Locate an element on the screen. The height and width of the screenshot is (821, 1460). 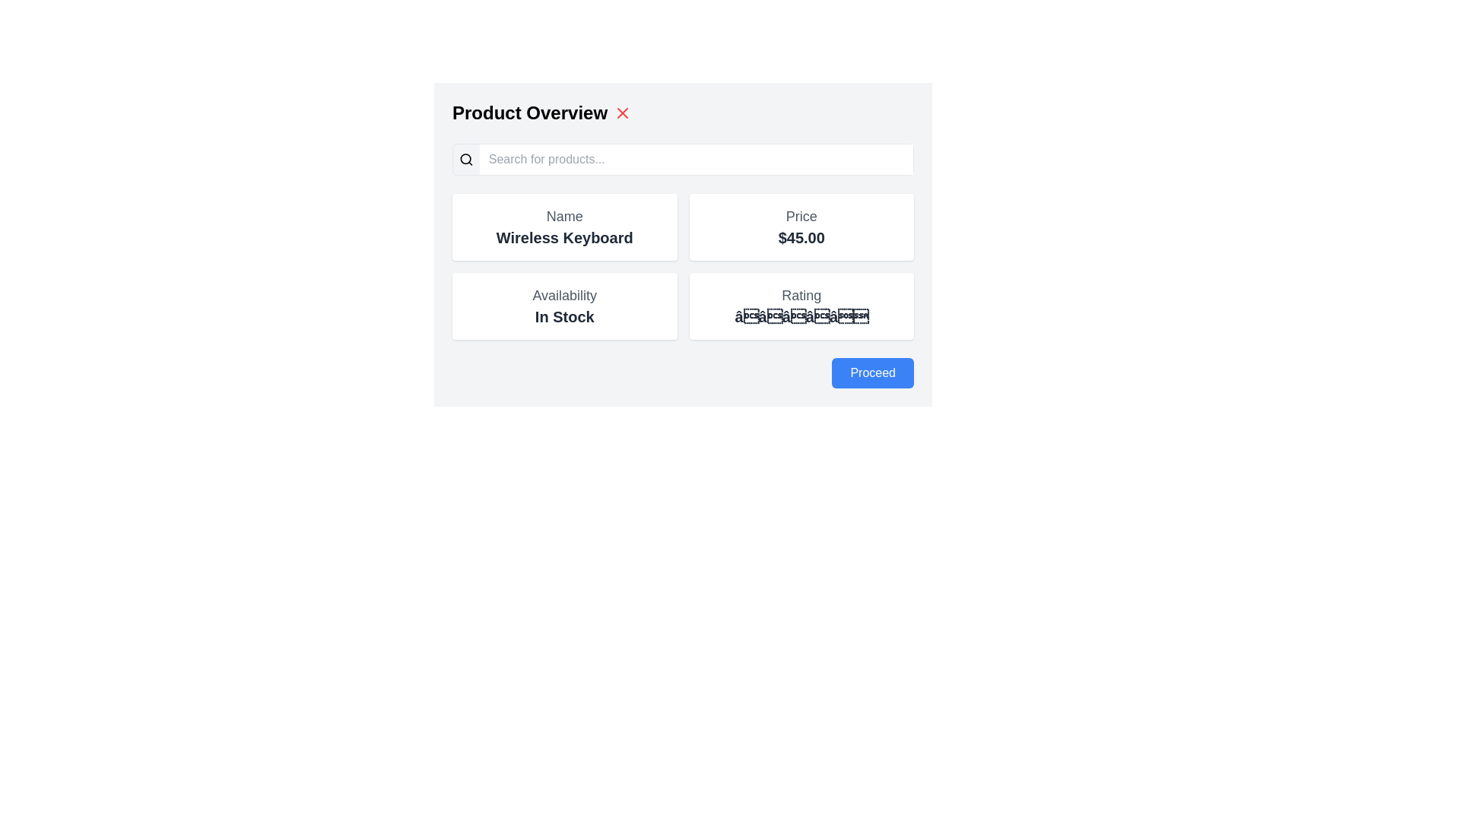
the Text Display that shows 'Wireless Keyboard', located in the first column of a grid layout above 'Availability: In Stock' and to the left of 'Price: $45.00' is located at coordinates (563, 227).